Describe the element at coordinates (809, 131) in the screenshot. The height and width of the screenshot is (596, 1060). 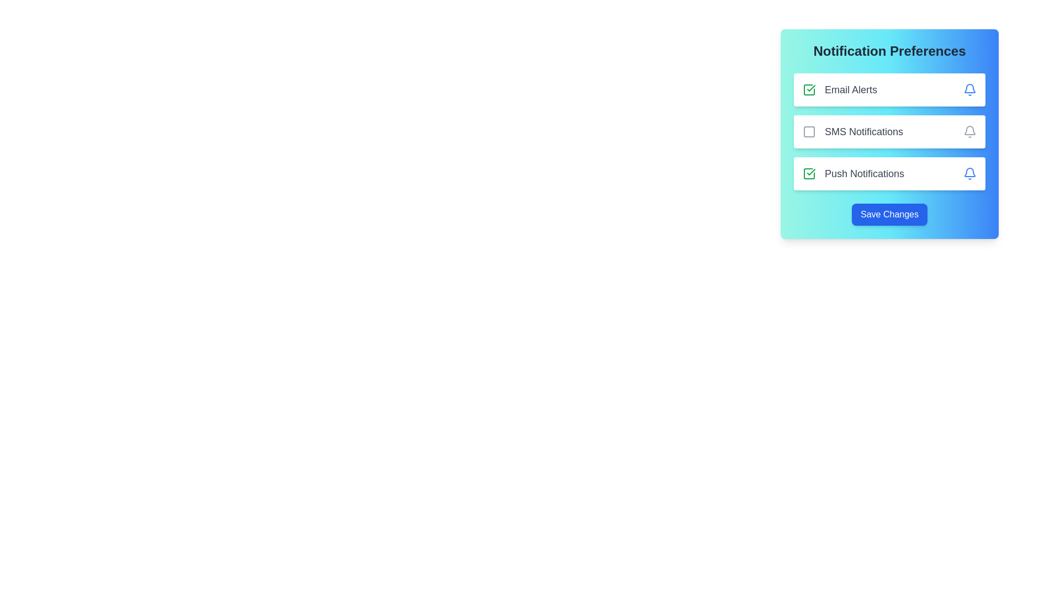
I see `the inner rectangle icon representing the status of the 'SMS Notifications' feature located in the middle row of the card` at that location.